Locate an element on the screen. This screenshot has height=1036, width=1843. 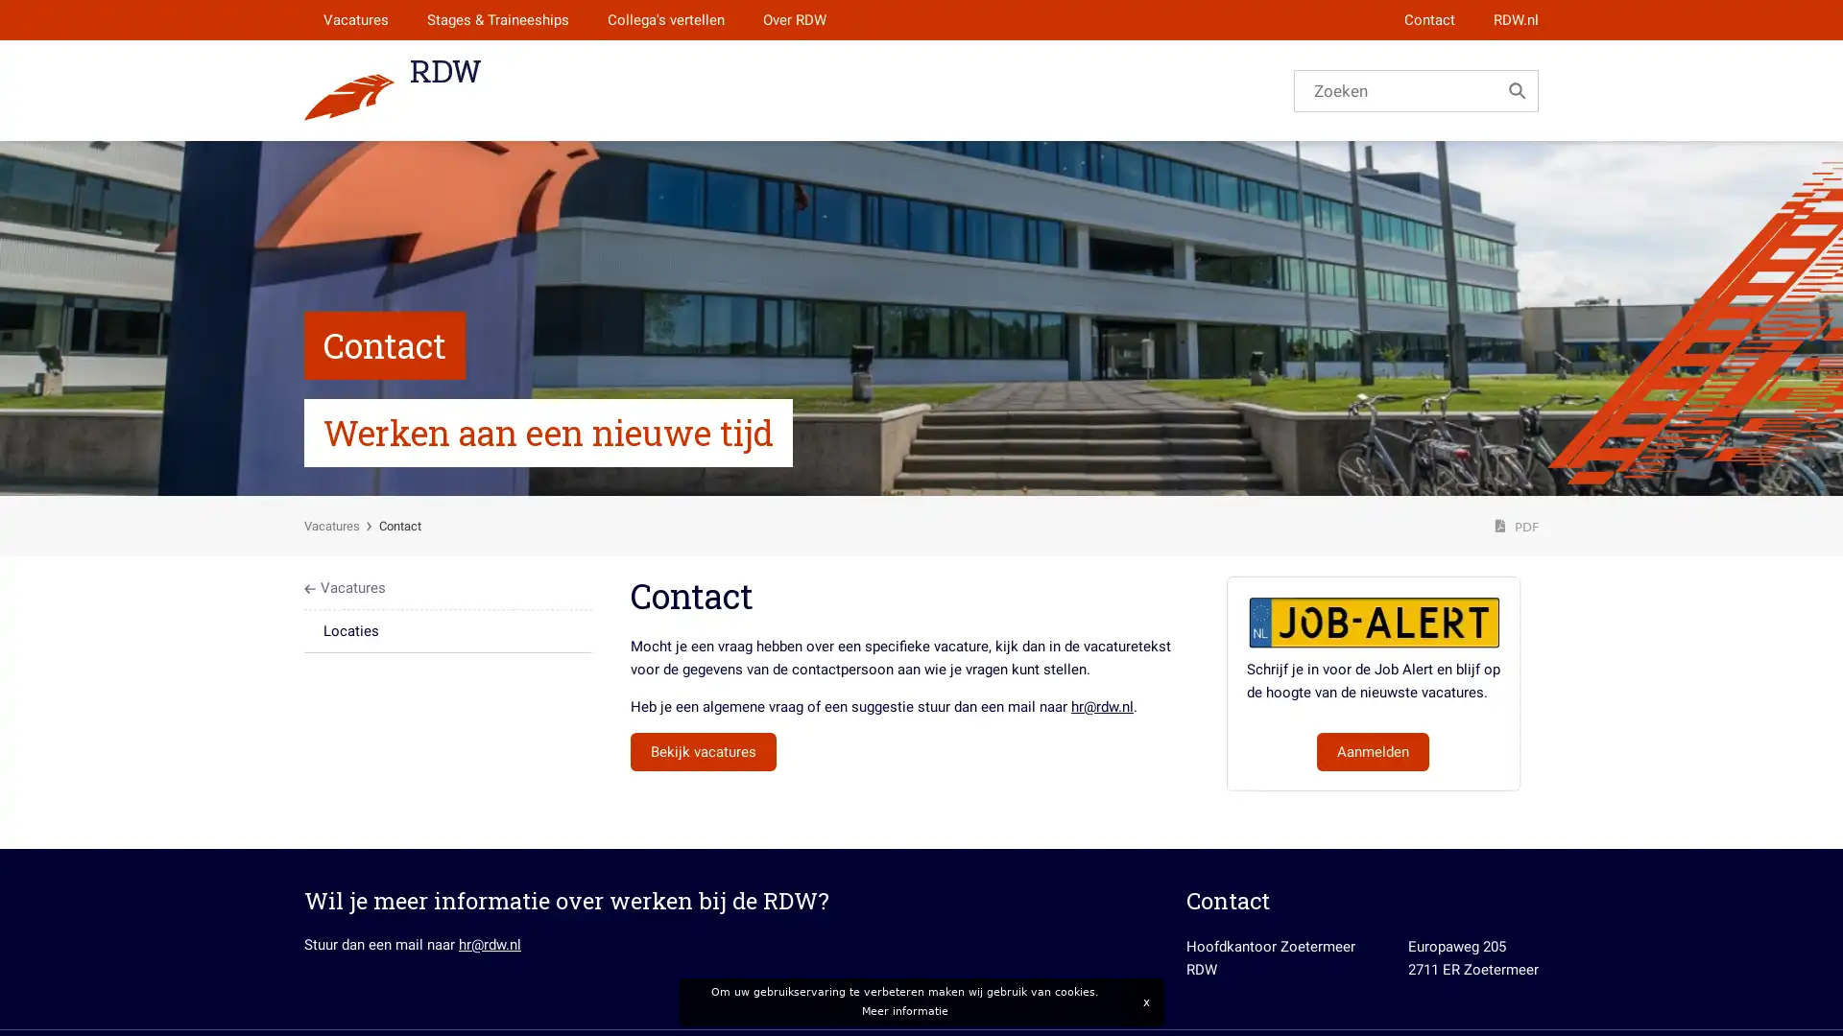
Sluiten is located at coordinates (1145, 1001).